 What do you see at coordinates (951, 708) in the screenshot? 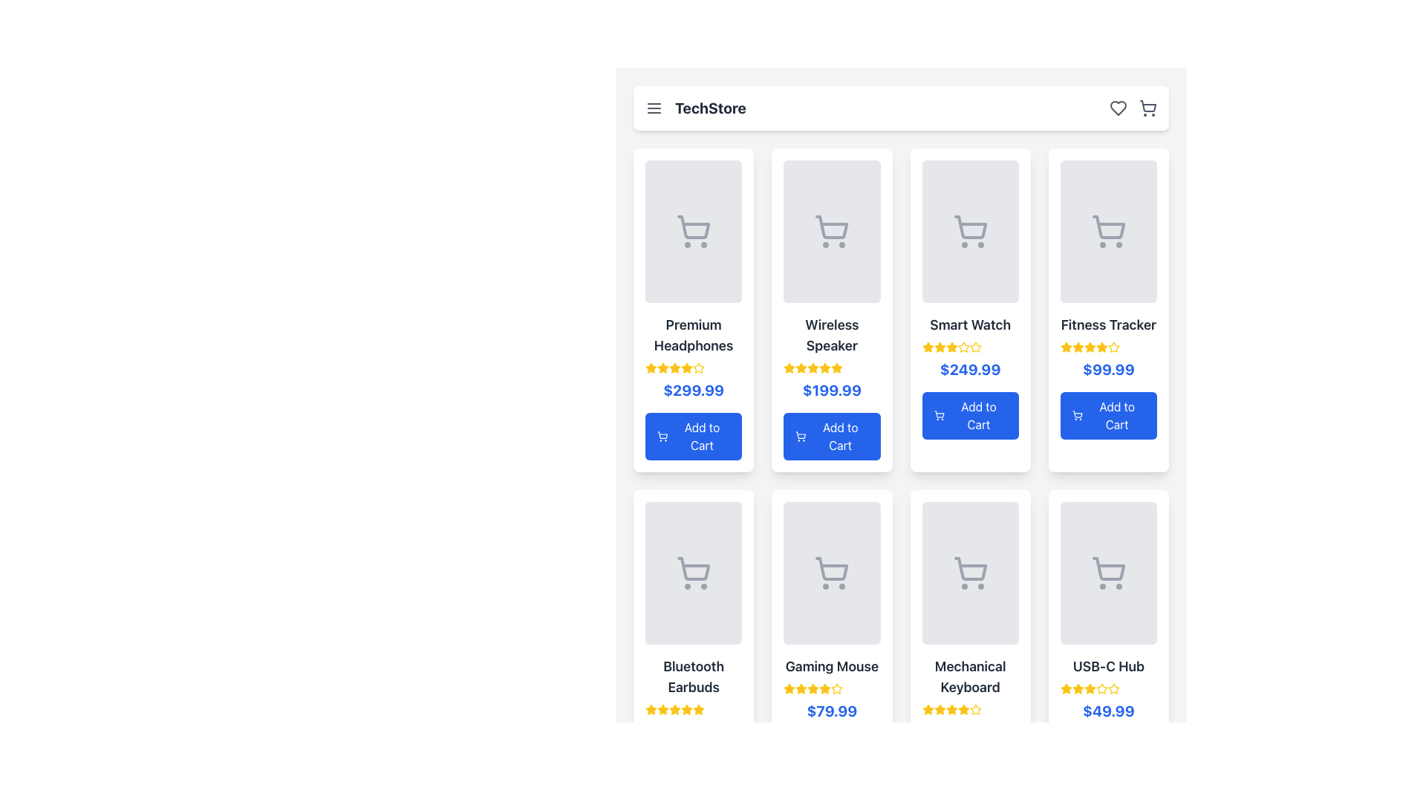
I see `the fourth yellow star-shaped icon in the rating system for the 'Mechanical Keyboard' product, which is positioned to the right among the rating stars` at bounding box center [951, 708].